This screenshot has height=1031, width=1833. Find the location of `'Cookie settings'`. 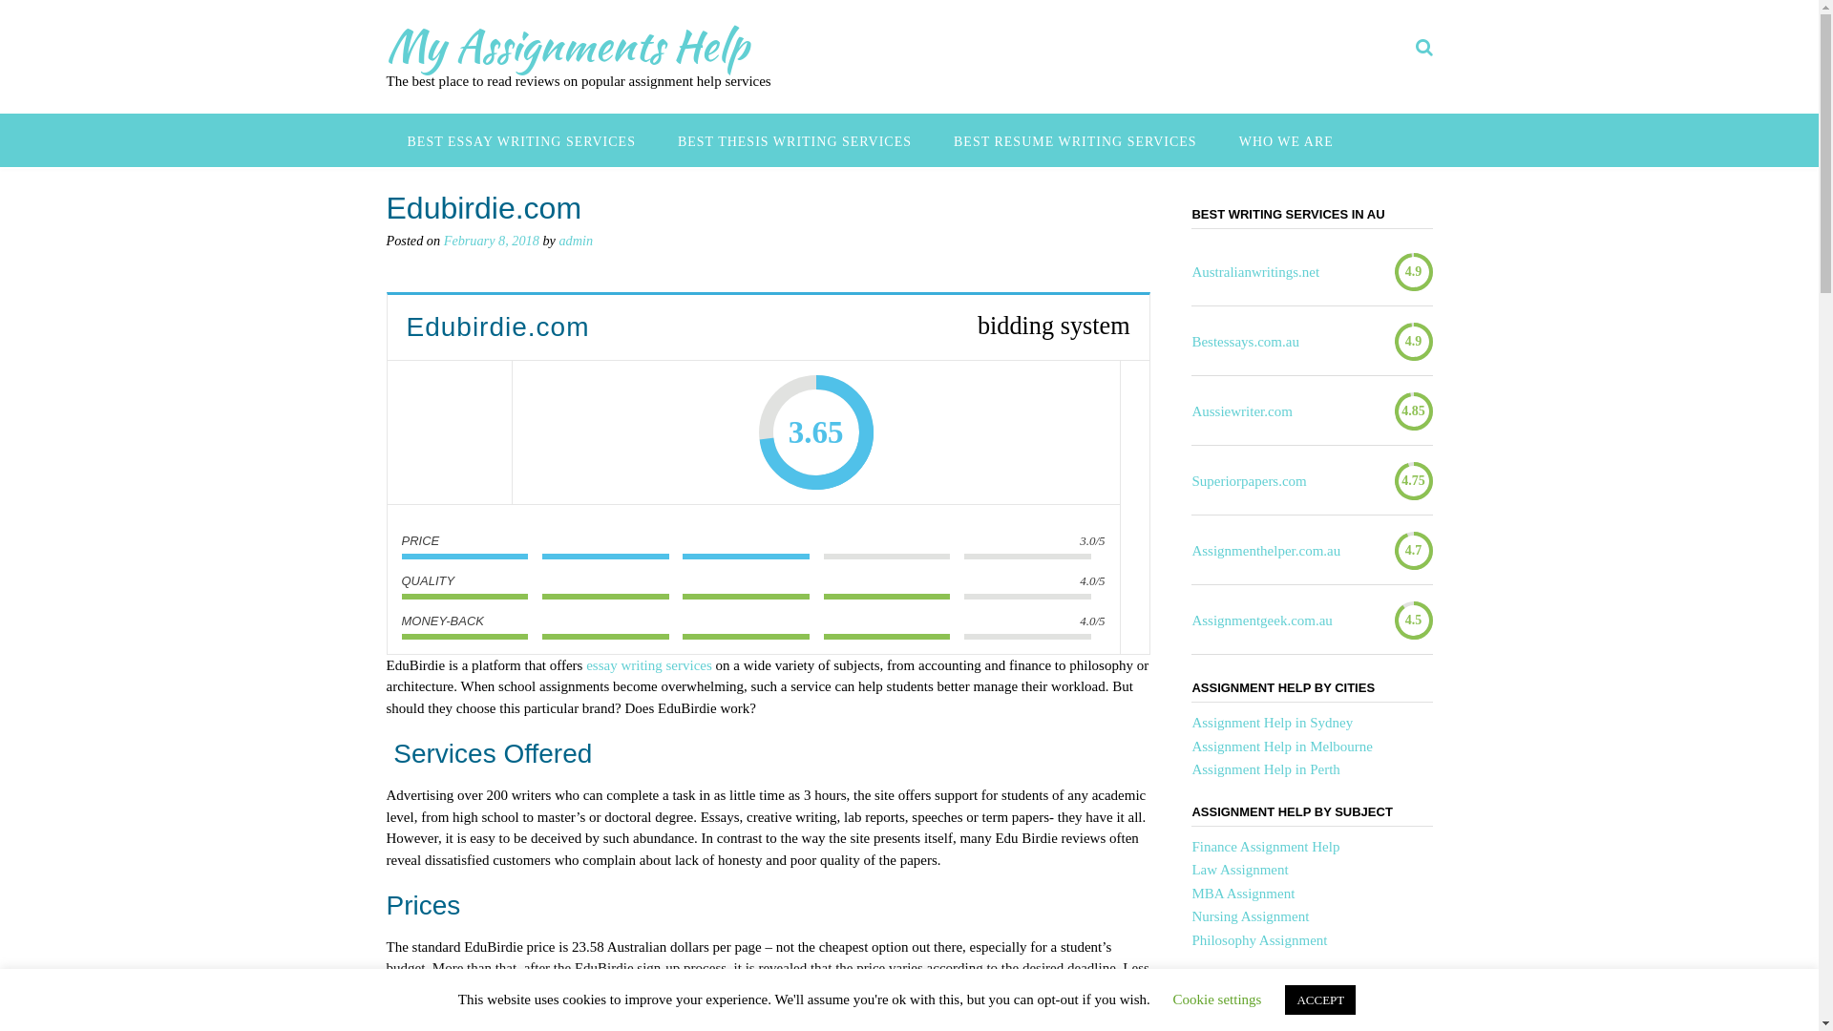

'Cookie settings' is located at coordinates (1216, 998).